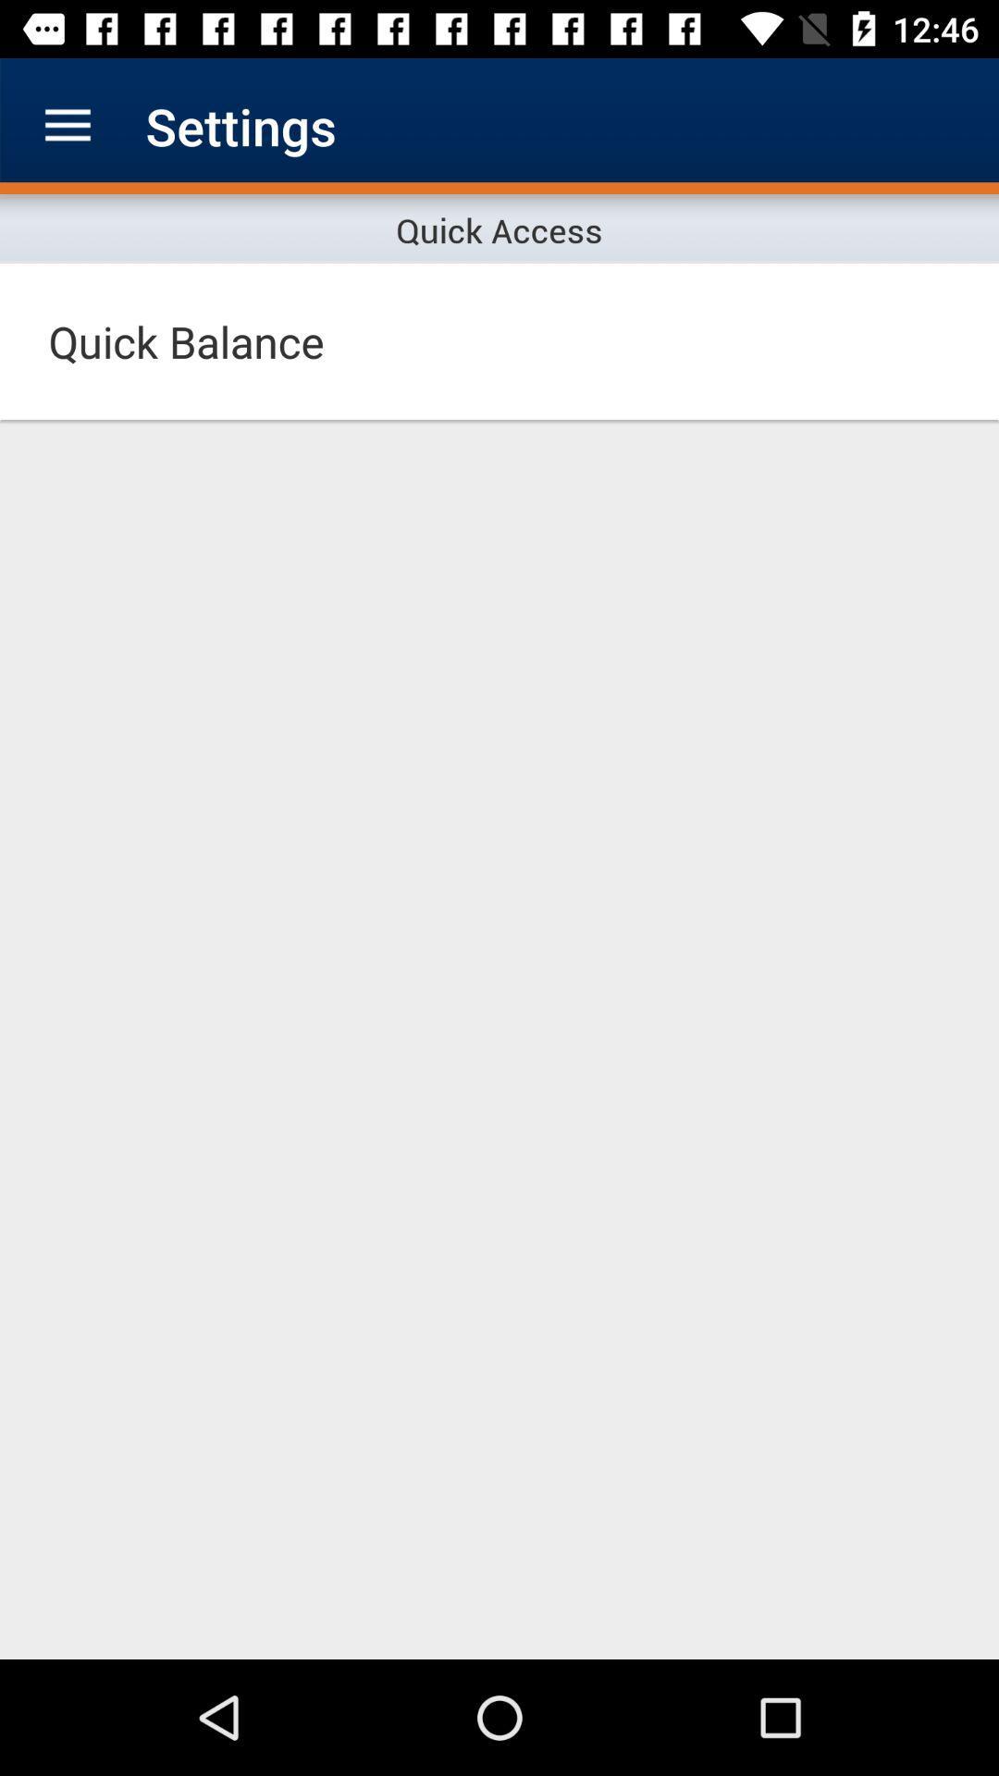  I want to click on icon to the left of the settings app, so click(67, 125).